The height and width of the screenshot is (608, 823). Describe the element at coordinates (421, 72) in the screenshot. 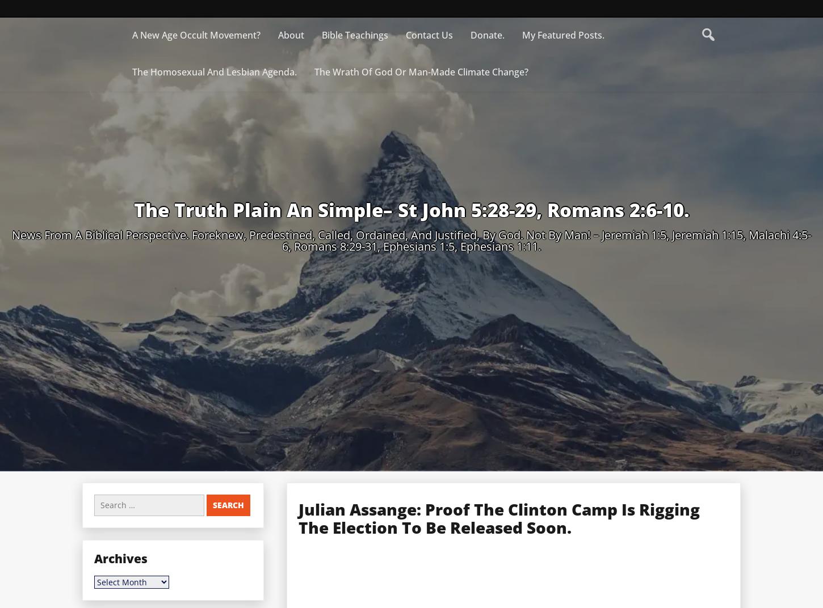

I see `'The Wrath Of God Or Man-Made Climate Change?'` at that location.